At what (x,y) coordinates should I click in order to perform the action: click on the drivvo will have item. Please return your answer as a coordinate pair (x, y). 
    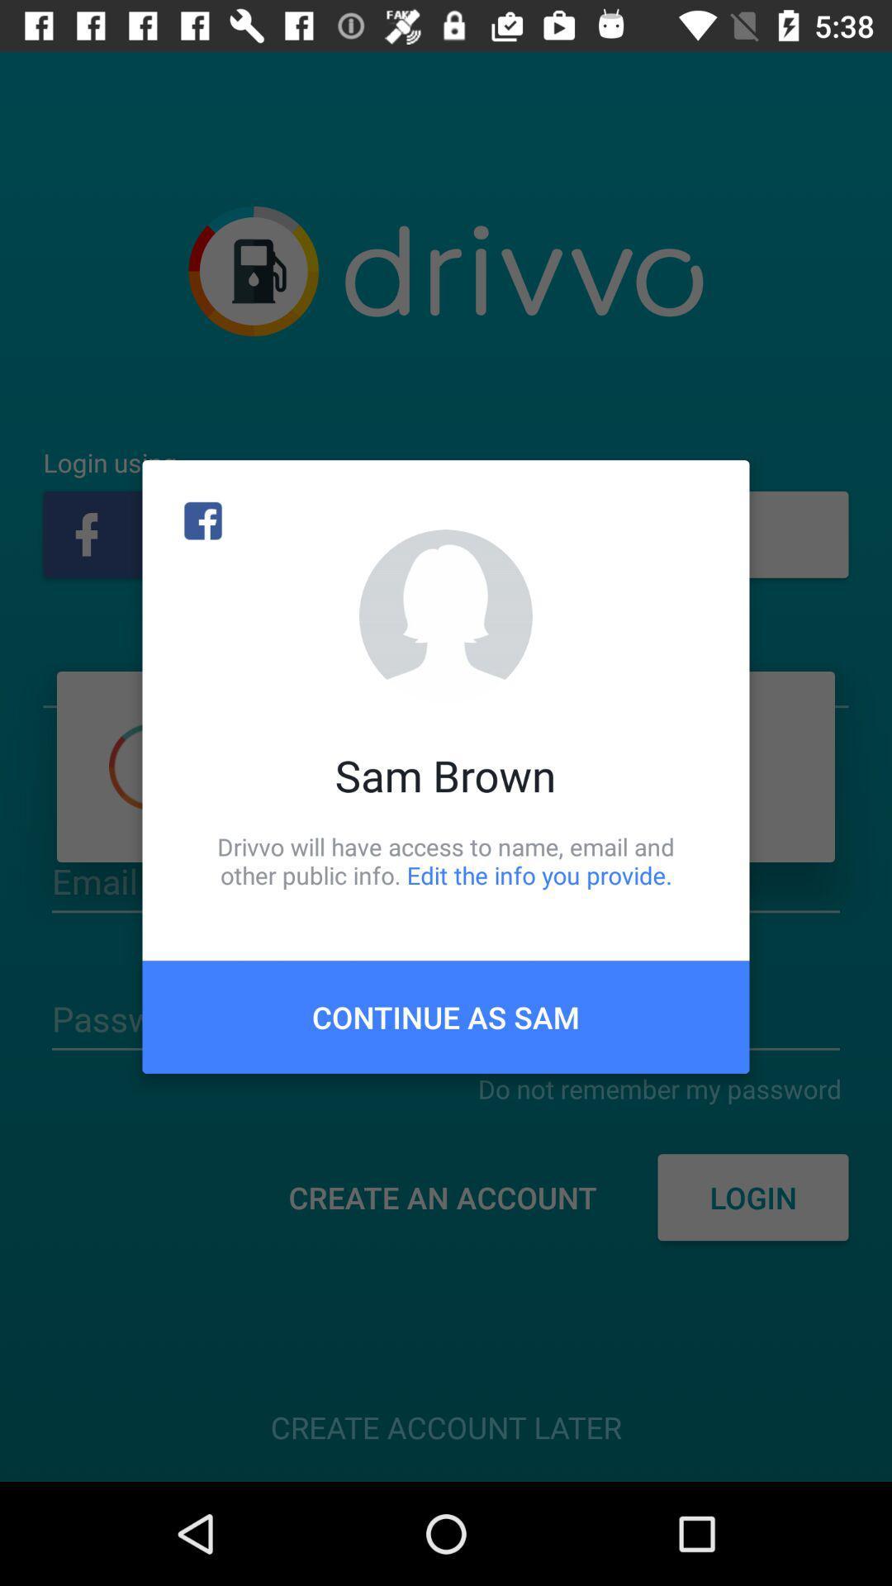
    Looking at the image, I should click on (446, 860).